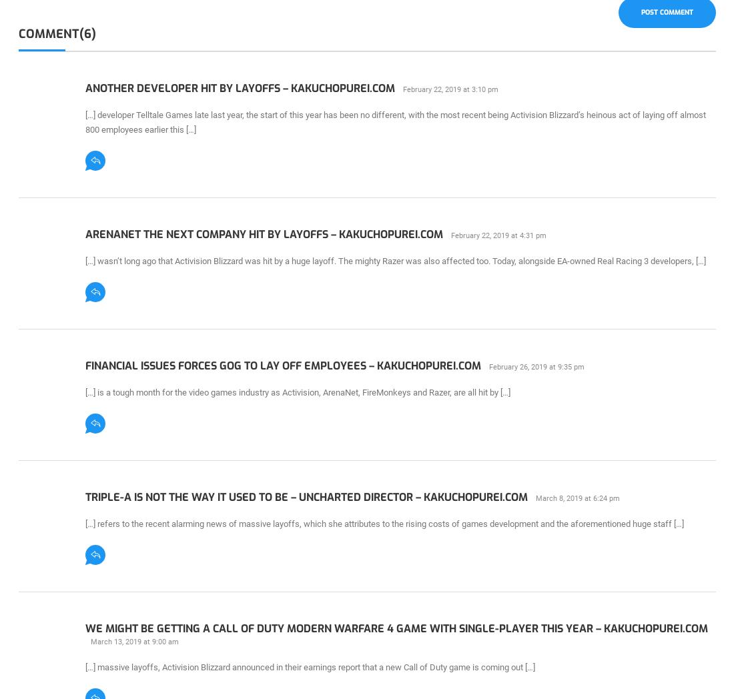  What do you see at coordinates (296, 392) in the screenshot?
I see `'[…] is a tough month for the video games industry as Activision, ArenaNet, FireMonkeys and Razer, are all hit by […]'` at bounding box center [296, 392].